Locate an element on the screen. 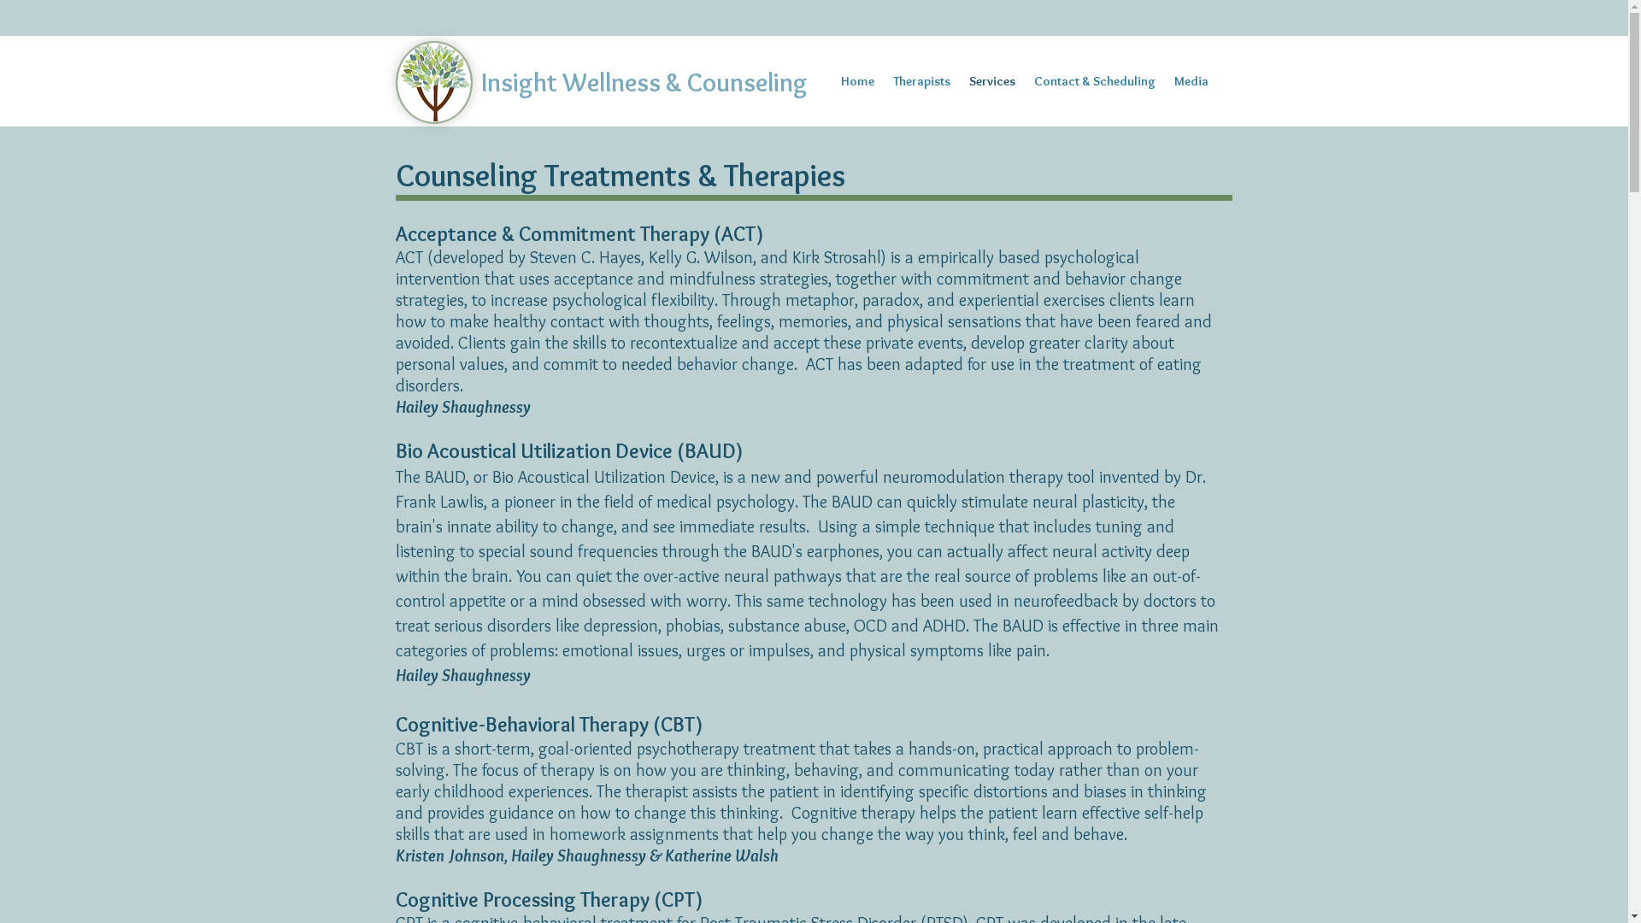  'Services' is located at coordinates (991, 81).